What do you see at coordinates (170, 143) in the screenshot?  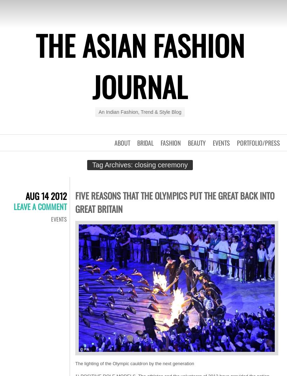 I see `'Fashion'` at bounding box center [170, 143].